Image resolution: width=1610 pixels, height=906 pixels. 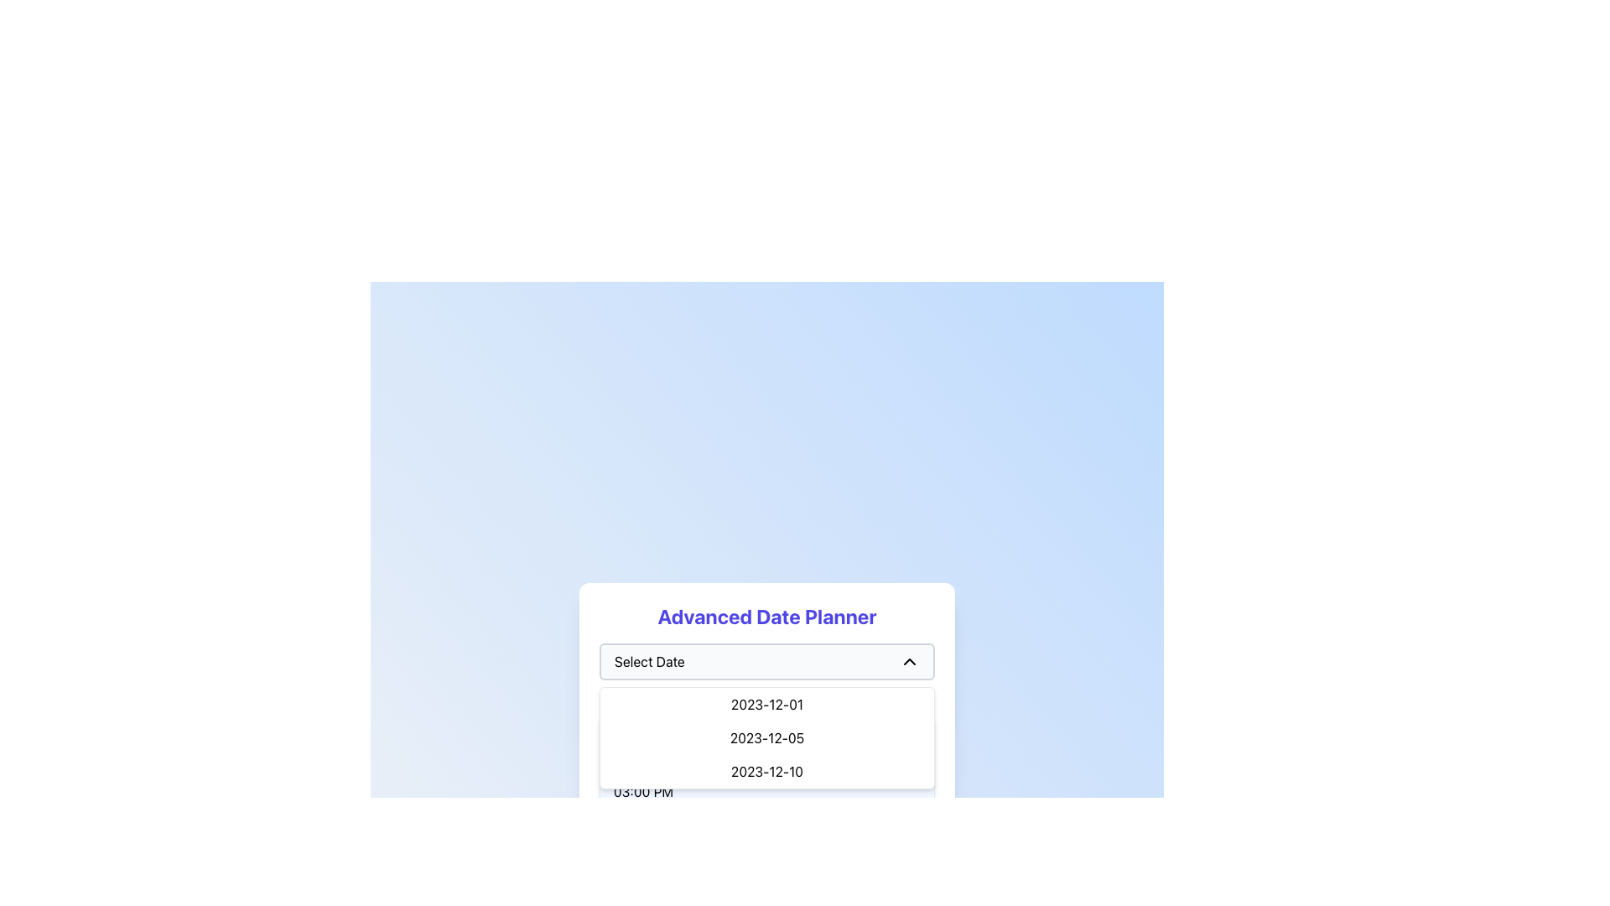 I want to click on the first selectable date option '2023-12-01' in the dropdown menu, so click(x=766, y=705).